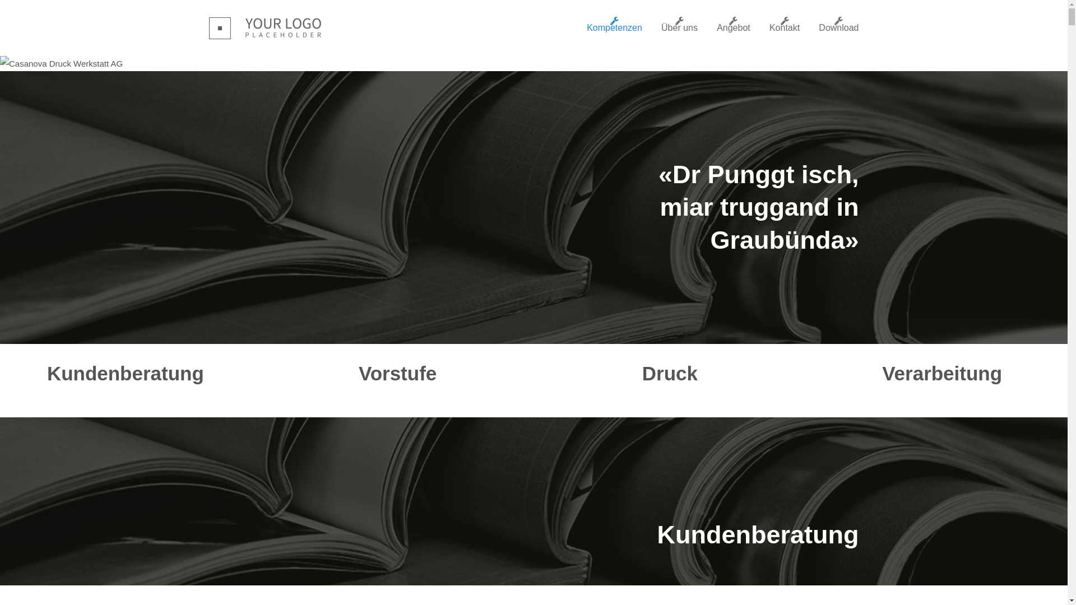 This screenshot has width=1076, height=605. I want to click on 'Angebot', so click(734, 27).